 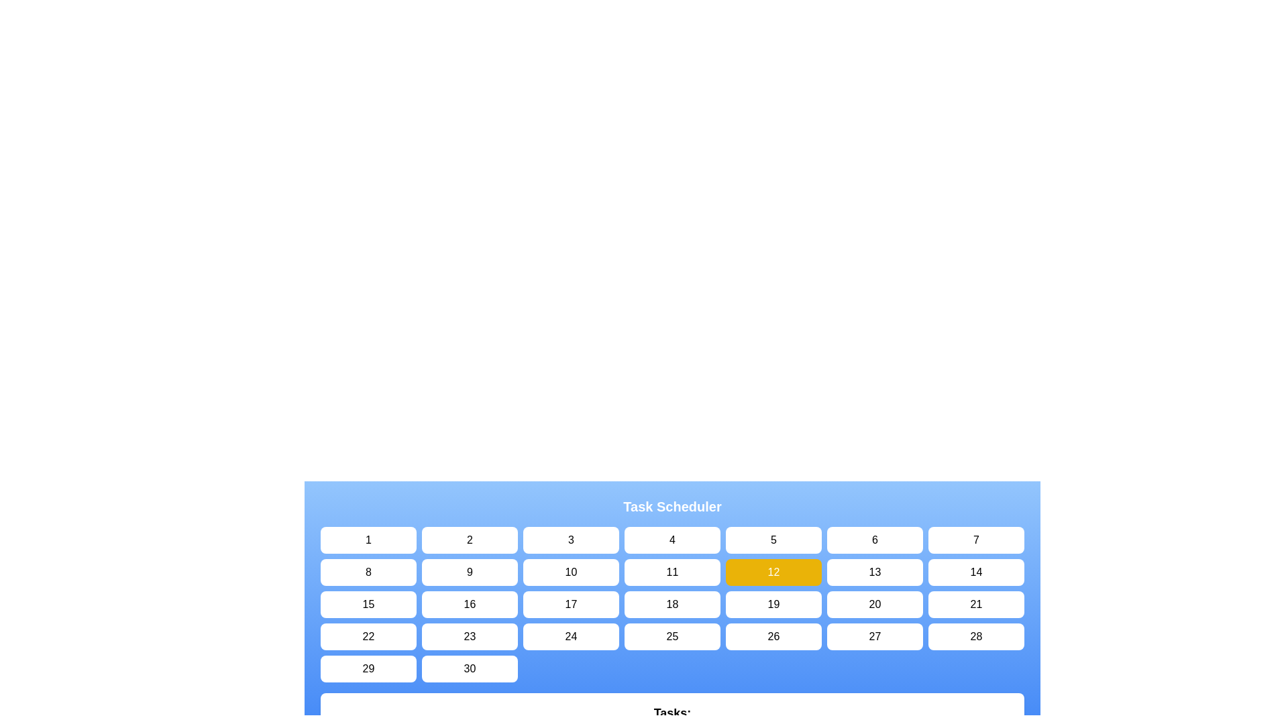 What do you see at coordinates (368, 540) in the screenshot?
I see `the button for the number '1', located in the top-left corner of the grid structure` at bounding box center [368, 540].